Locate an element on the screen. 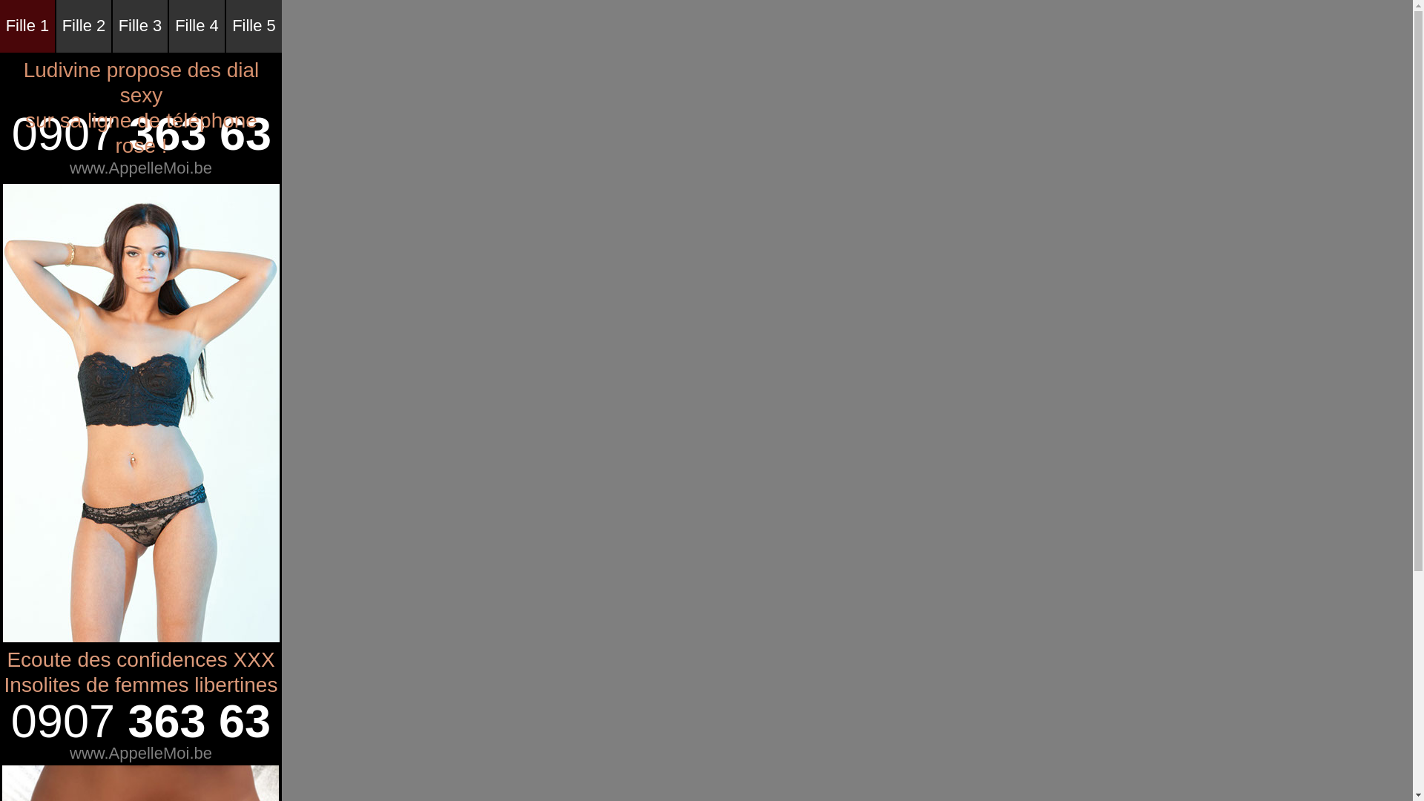 The width and height of the screenshot is (1424, 801). 'Fille 4' is located at coordinates (168, 26).